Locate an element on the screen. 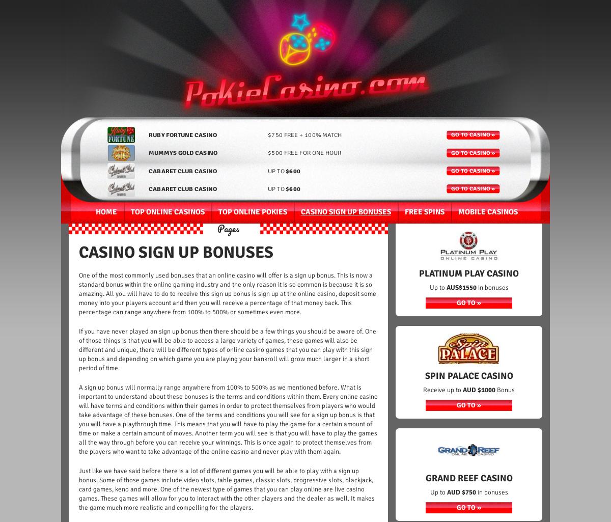  'Top Online Pokies' is located at coordinates (252, 212).